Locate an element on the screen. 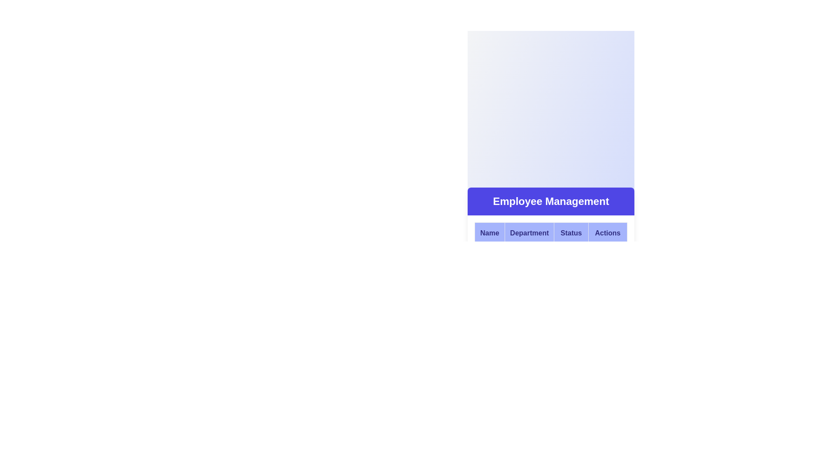 Image resolution: width=836 pixels, height=470 pixels. the 'Employee Management' text label, which serves as the heading for the current section, located centrally at the top of the interface is located at coordinates (550, 201).